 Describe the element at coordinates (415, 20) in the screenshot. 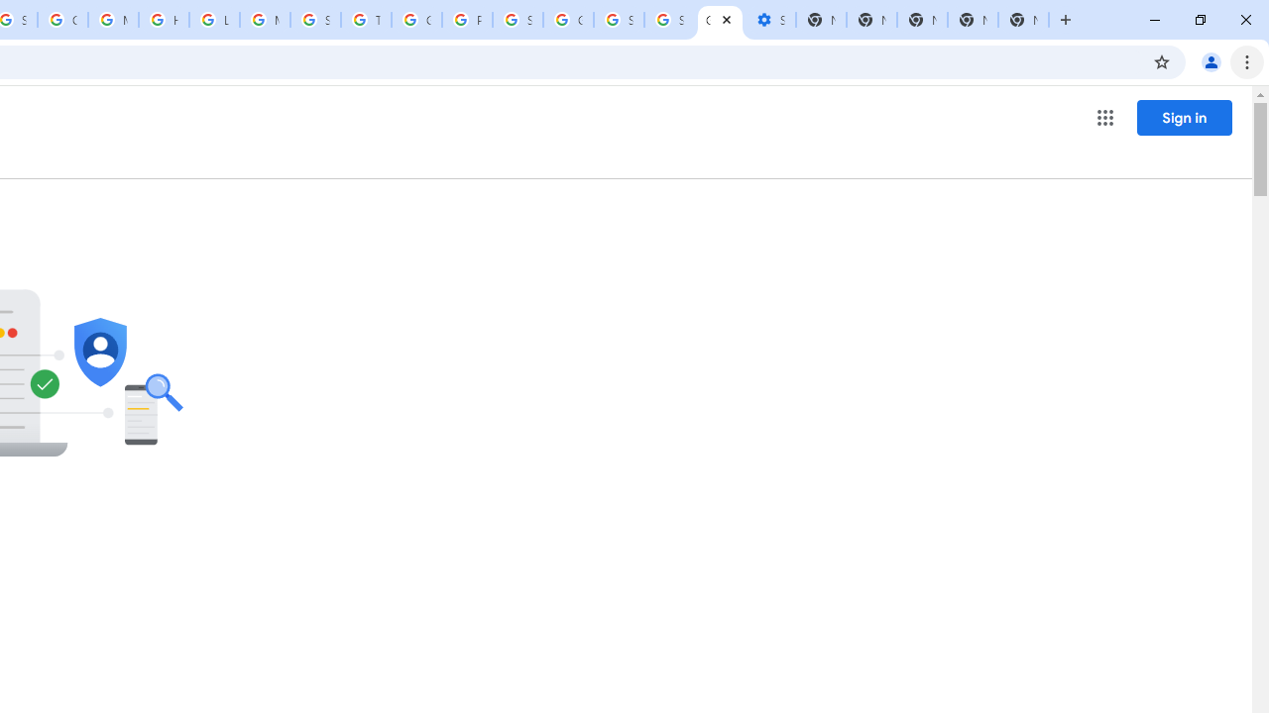

I see `'Google Ads - Sign in'` at that location.